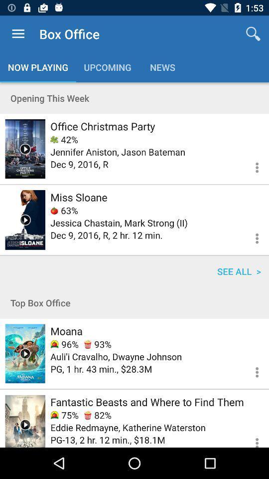  Describe the element at coordinates (64, 344) in the screenshot. I see `the item next to the 93% item` at that location.